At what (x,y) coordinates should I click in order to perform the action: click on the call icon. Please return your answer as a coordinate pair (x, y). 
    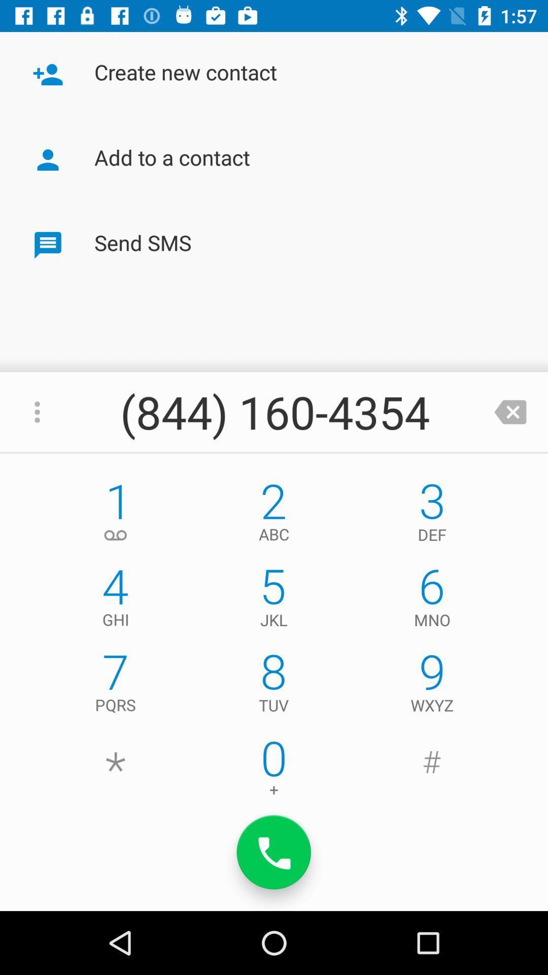
    Looking at the image, I should click on (274, 852).